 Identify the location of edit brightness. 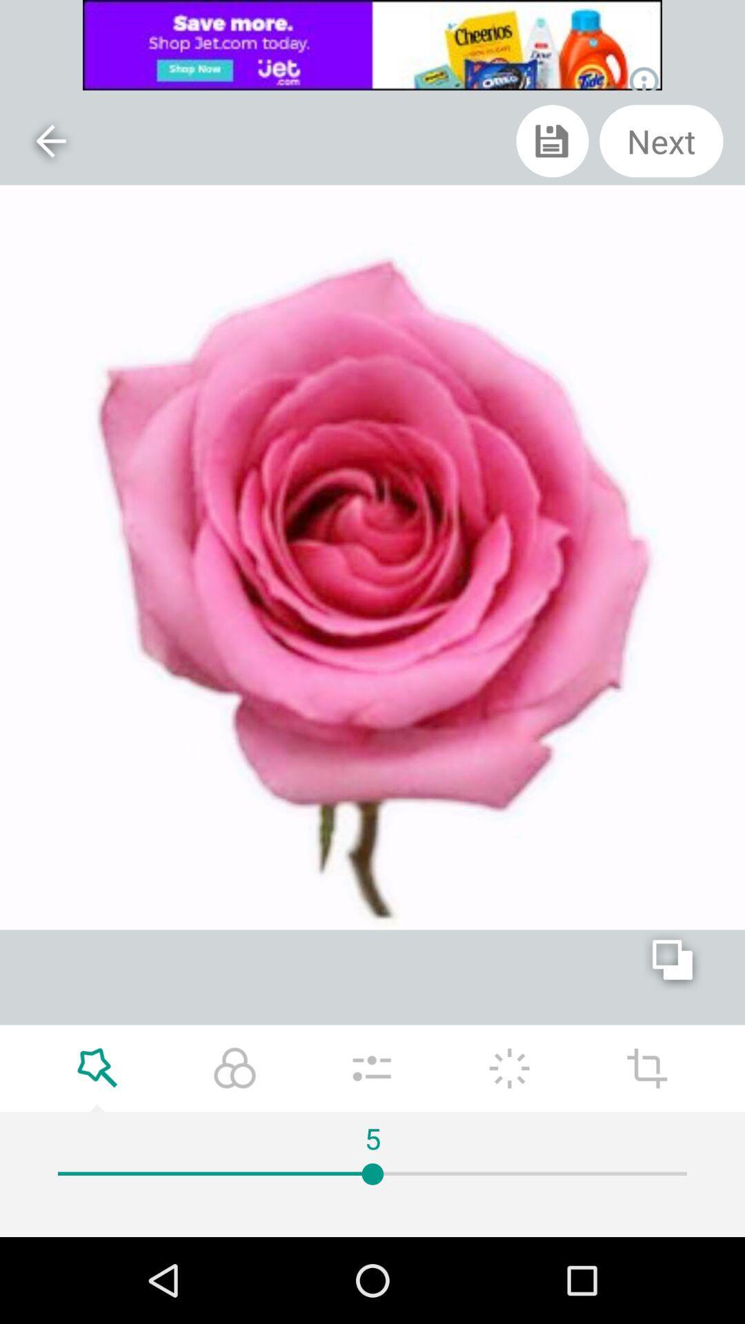
(509, 1067).